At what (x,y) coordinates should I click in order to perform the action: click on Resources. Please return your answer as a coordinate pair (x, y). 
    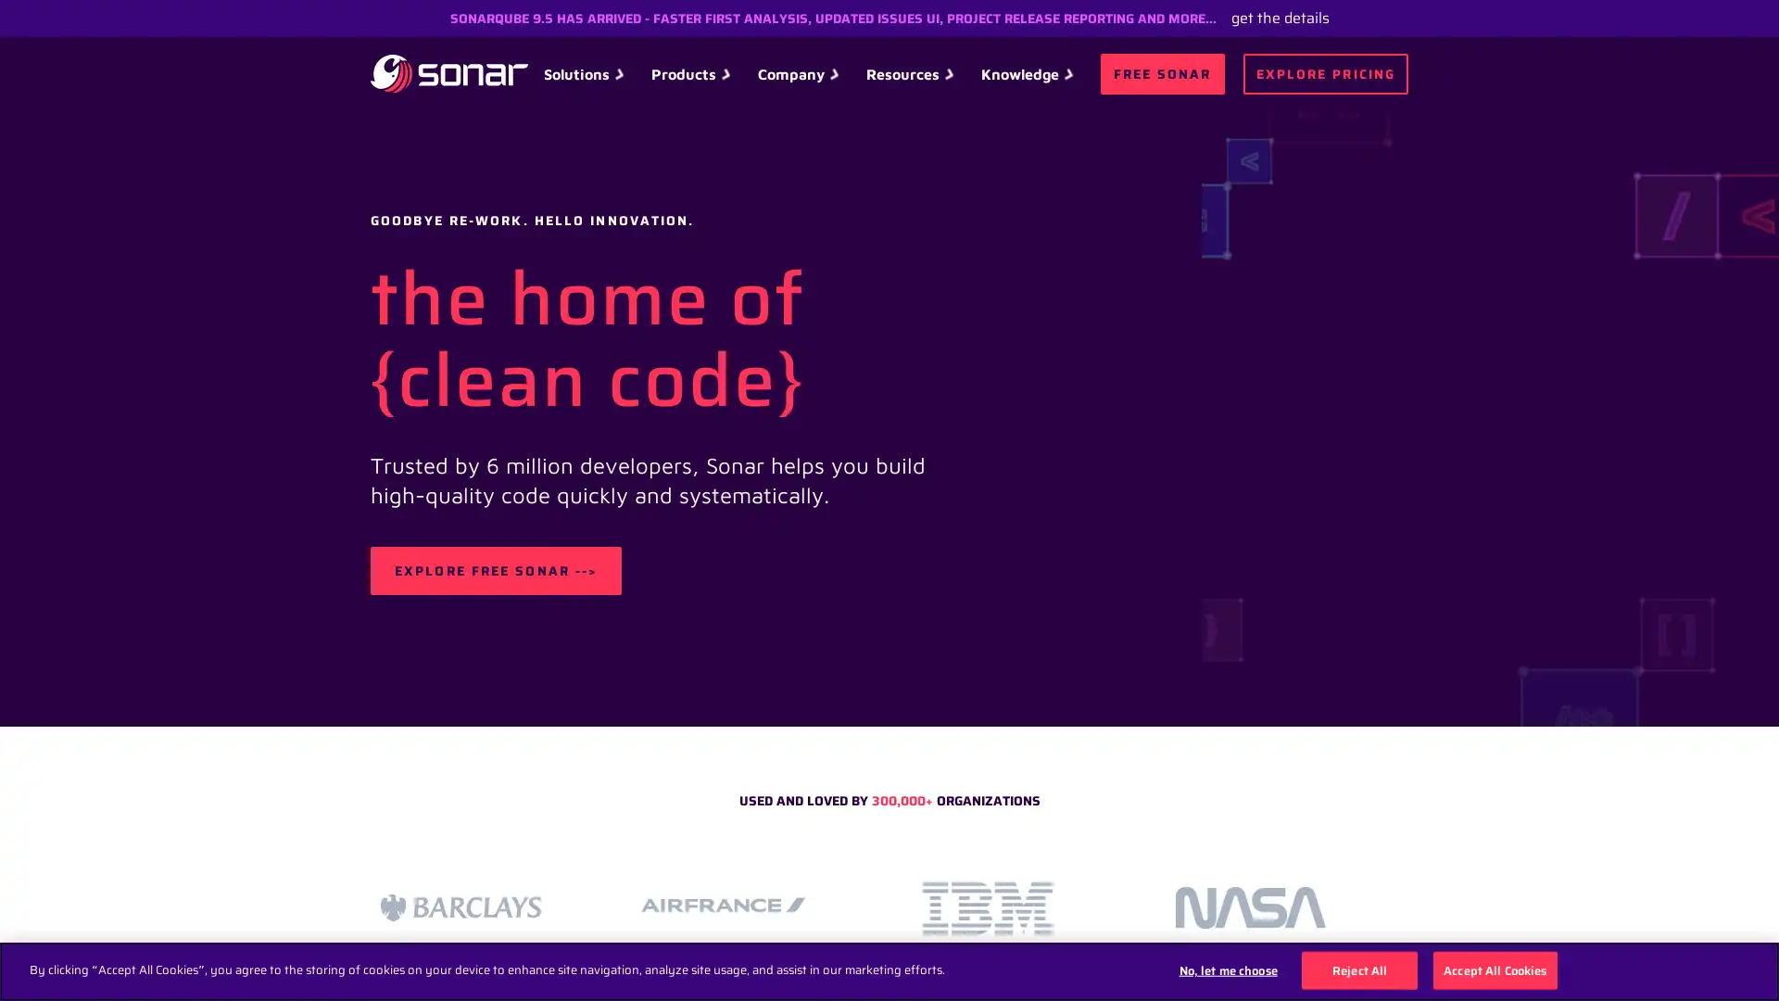
    Looking at the image, I should click on (927, 73).